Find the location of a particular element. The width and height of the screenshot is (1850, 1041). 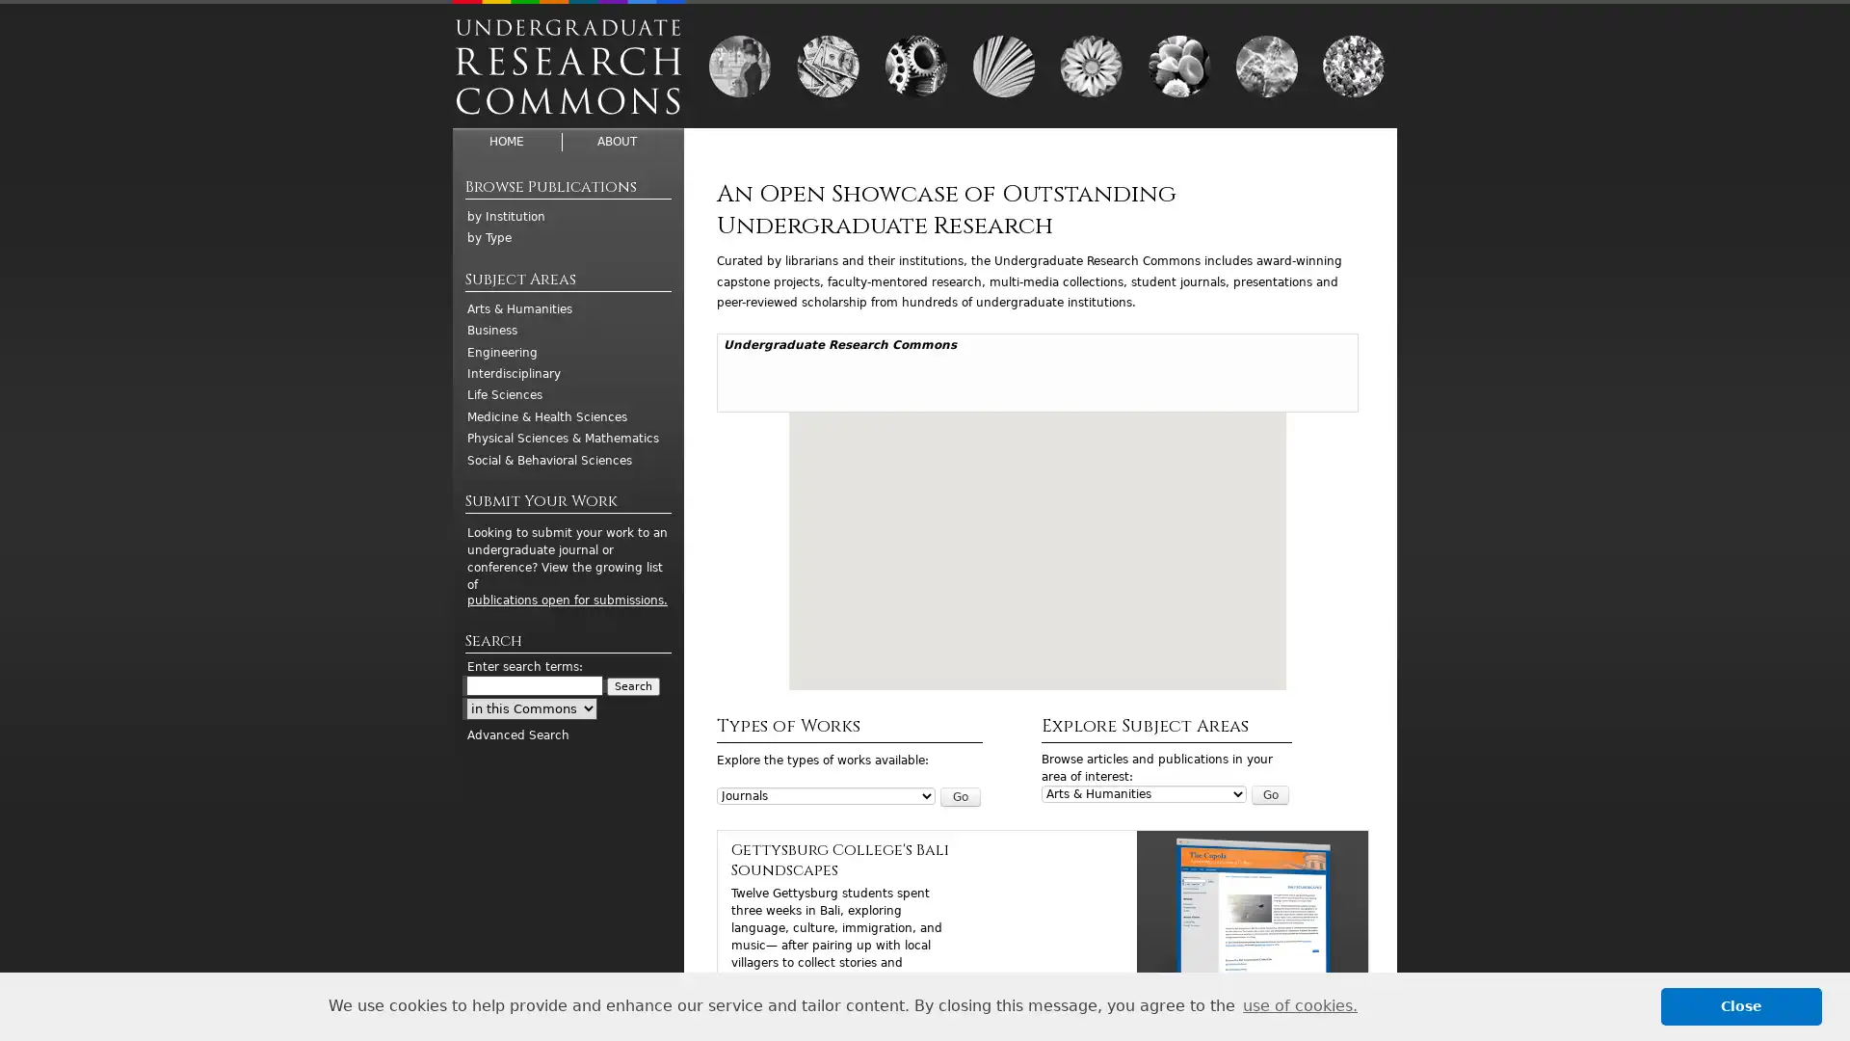

dismiss cookie message is located at coordinates (1741, 1005).